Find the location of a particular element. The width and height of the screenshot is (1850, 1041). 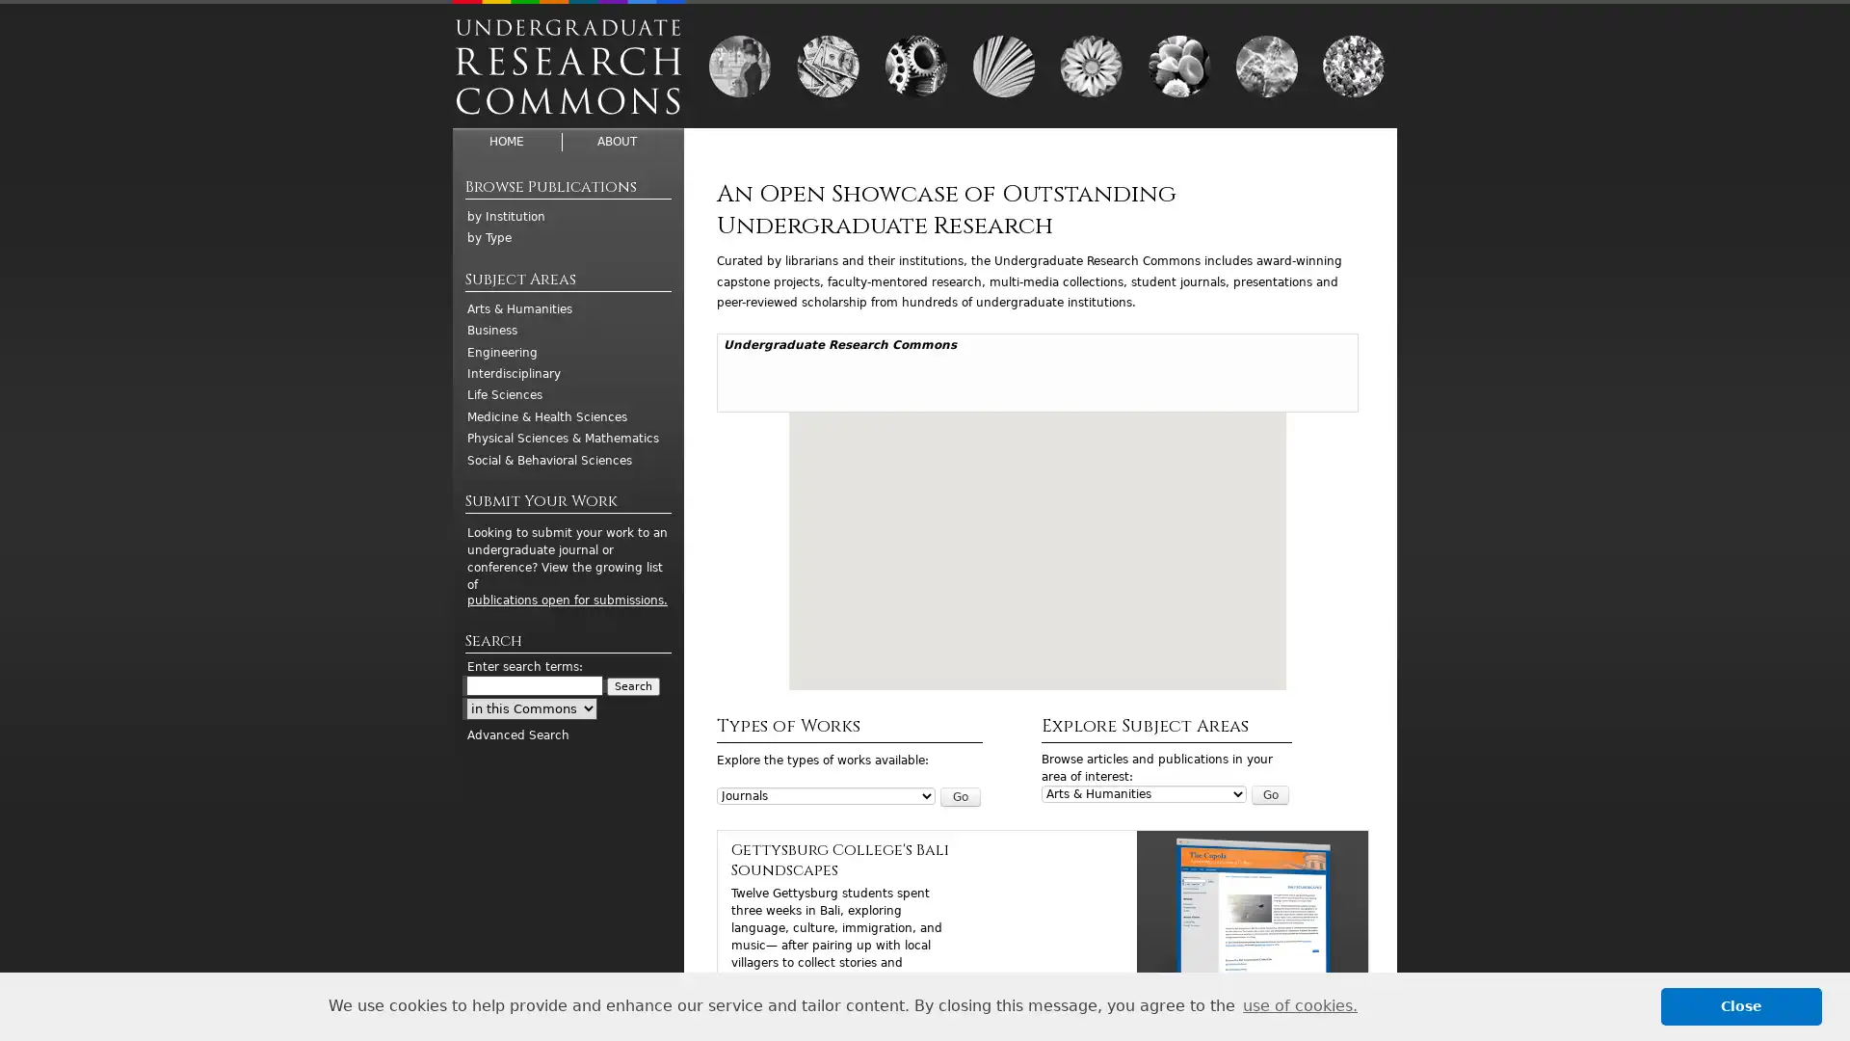

dismiss cookie message is located at coordinates (1741, 1005).